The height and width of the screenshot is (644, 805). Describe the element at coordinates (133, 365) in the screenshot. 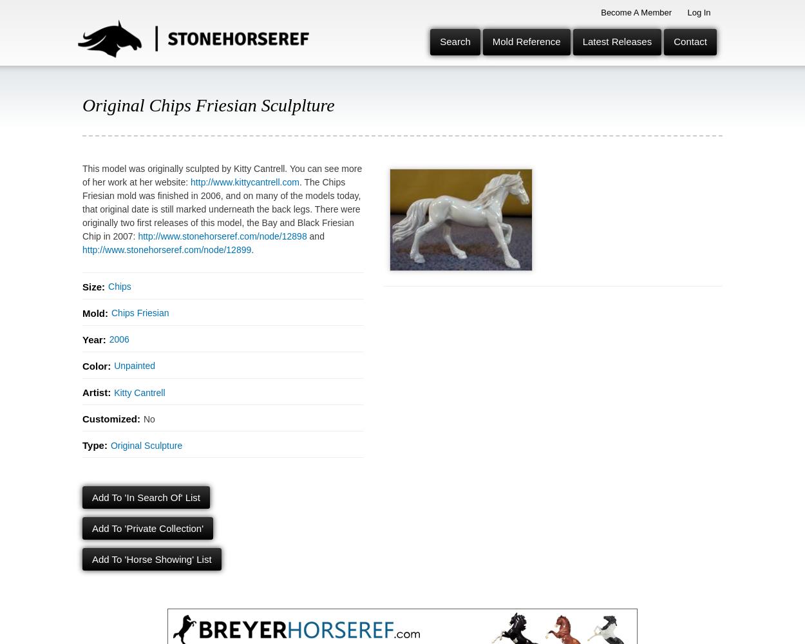

I see `'Unpainted'` at that location.